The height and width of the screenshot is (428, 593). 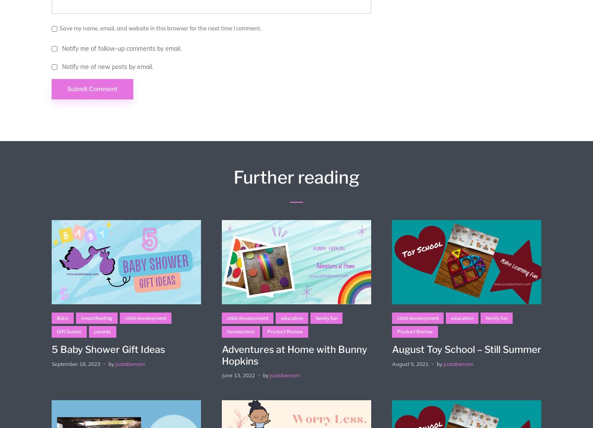 What do you see at coordinates (62, 317) in the screenshot?
I see `'Baby'` at bounding box center [62, 317].